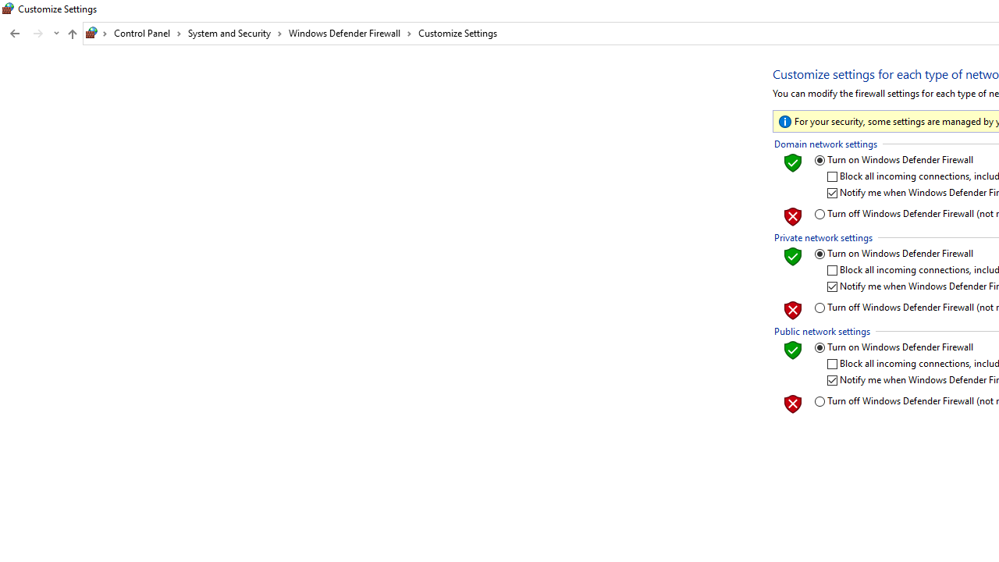  I want to click on 'Forward (Alt + Right Arrow)', so click(38, 34).